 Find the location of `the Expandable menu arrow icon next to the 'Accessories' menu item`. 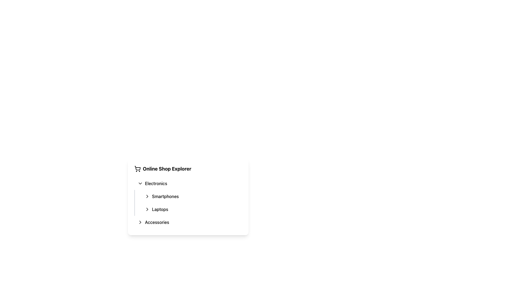

the Expandable menu arrow icon next to the 'Accessories' menu item is located at coordinates (140, 222).